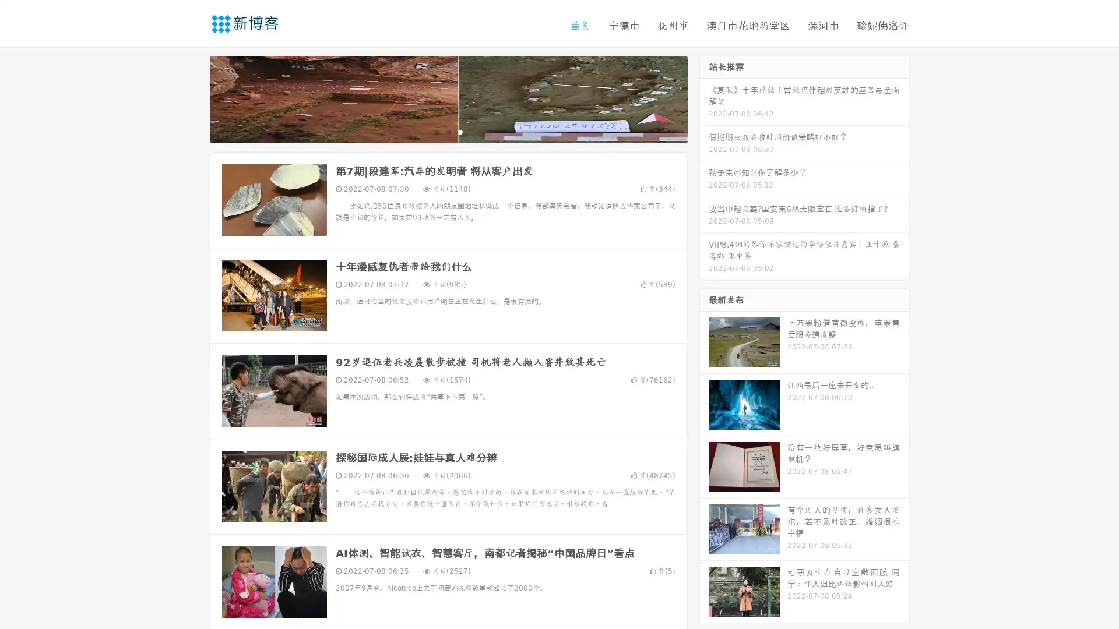 Image resolution: width=1119 pixels, height=629 pixels. I want to click on Go to slide 2, so click(448, 131).